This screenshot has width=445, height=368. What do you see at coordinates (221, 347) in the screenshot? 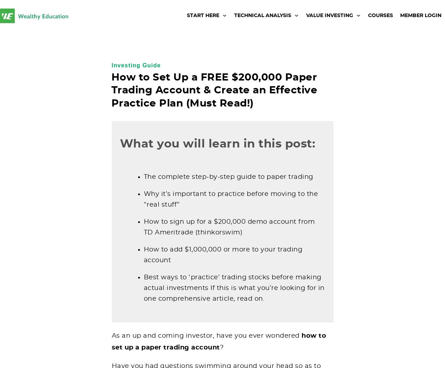
I see `'?'` at bounding box center [221, 347].